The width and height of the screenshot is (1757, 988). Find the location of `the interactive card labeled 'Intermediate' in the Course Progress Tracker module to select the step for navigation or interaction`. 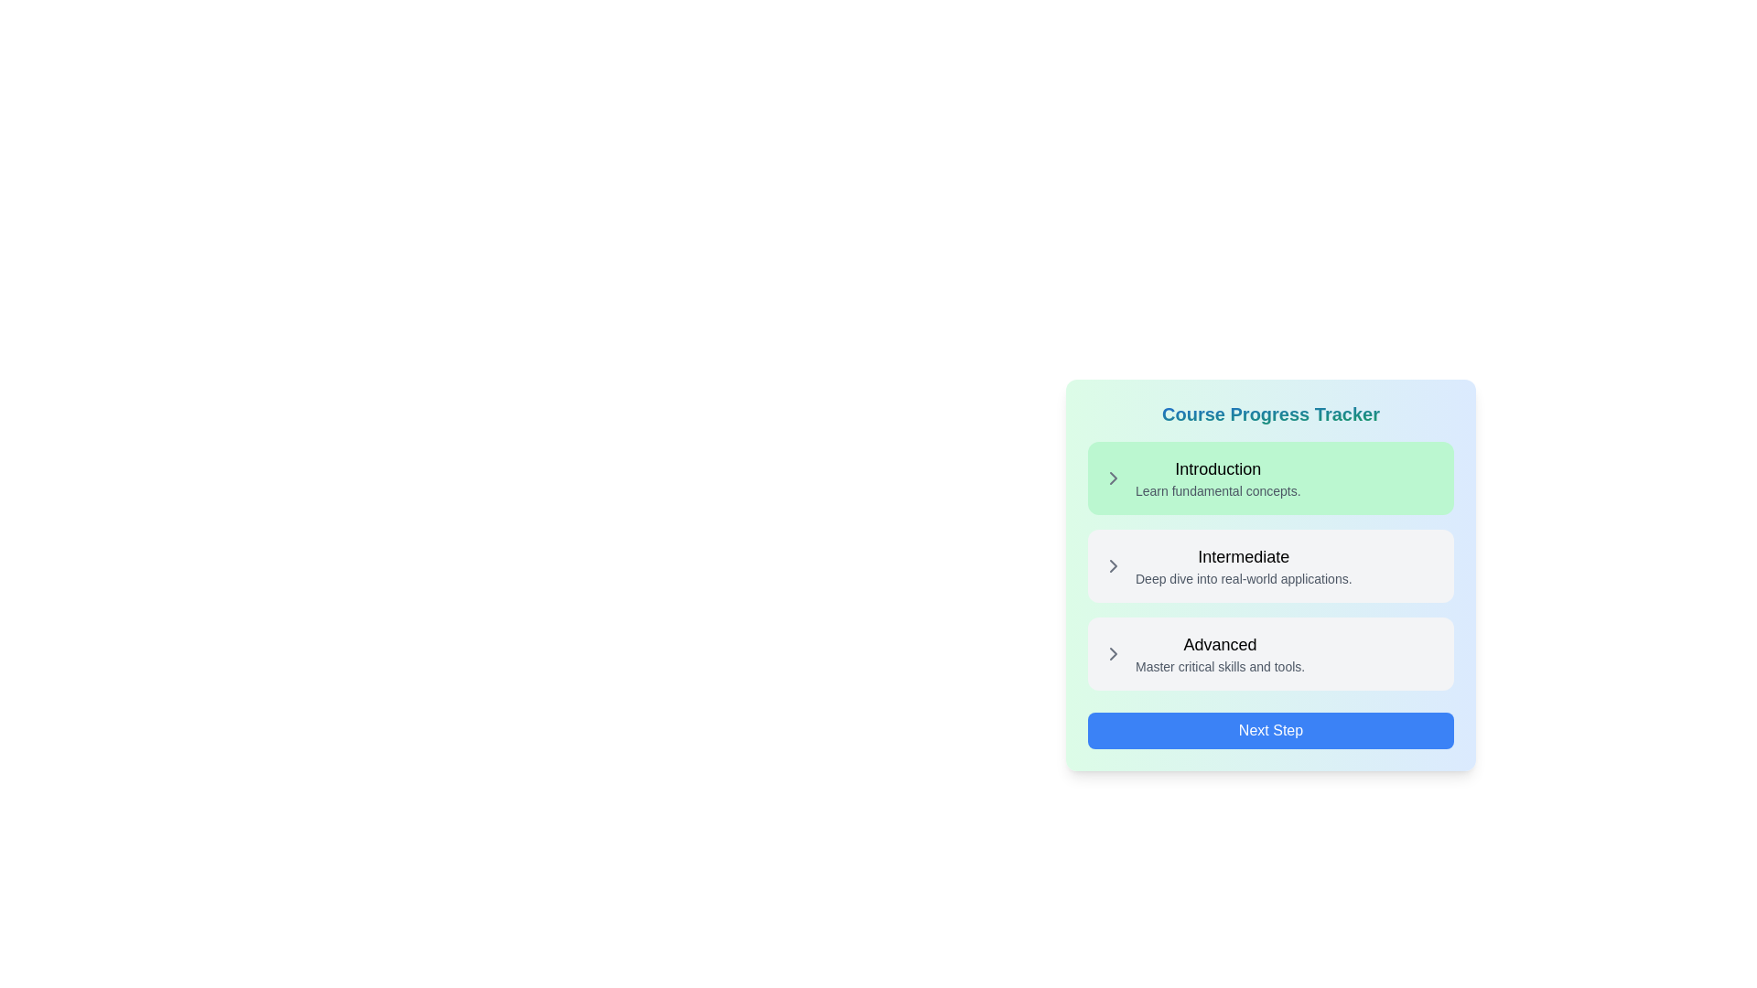

the interactive card labeled 'Intermediate' in the Course Progress Tracker module to select the step for navigation or interaction is located at coordinates (1269, 564).